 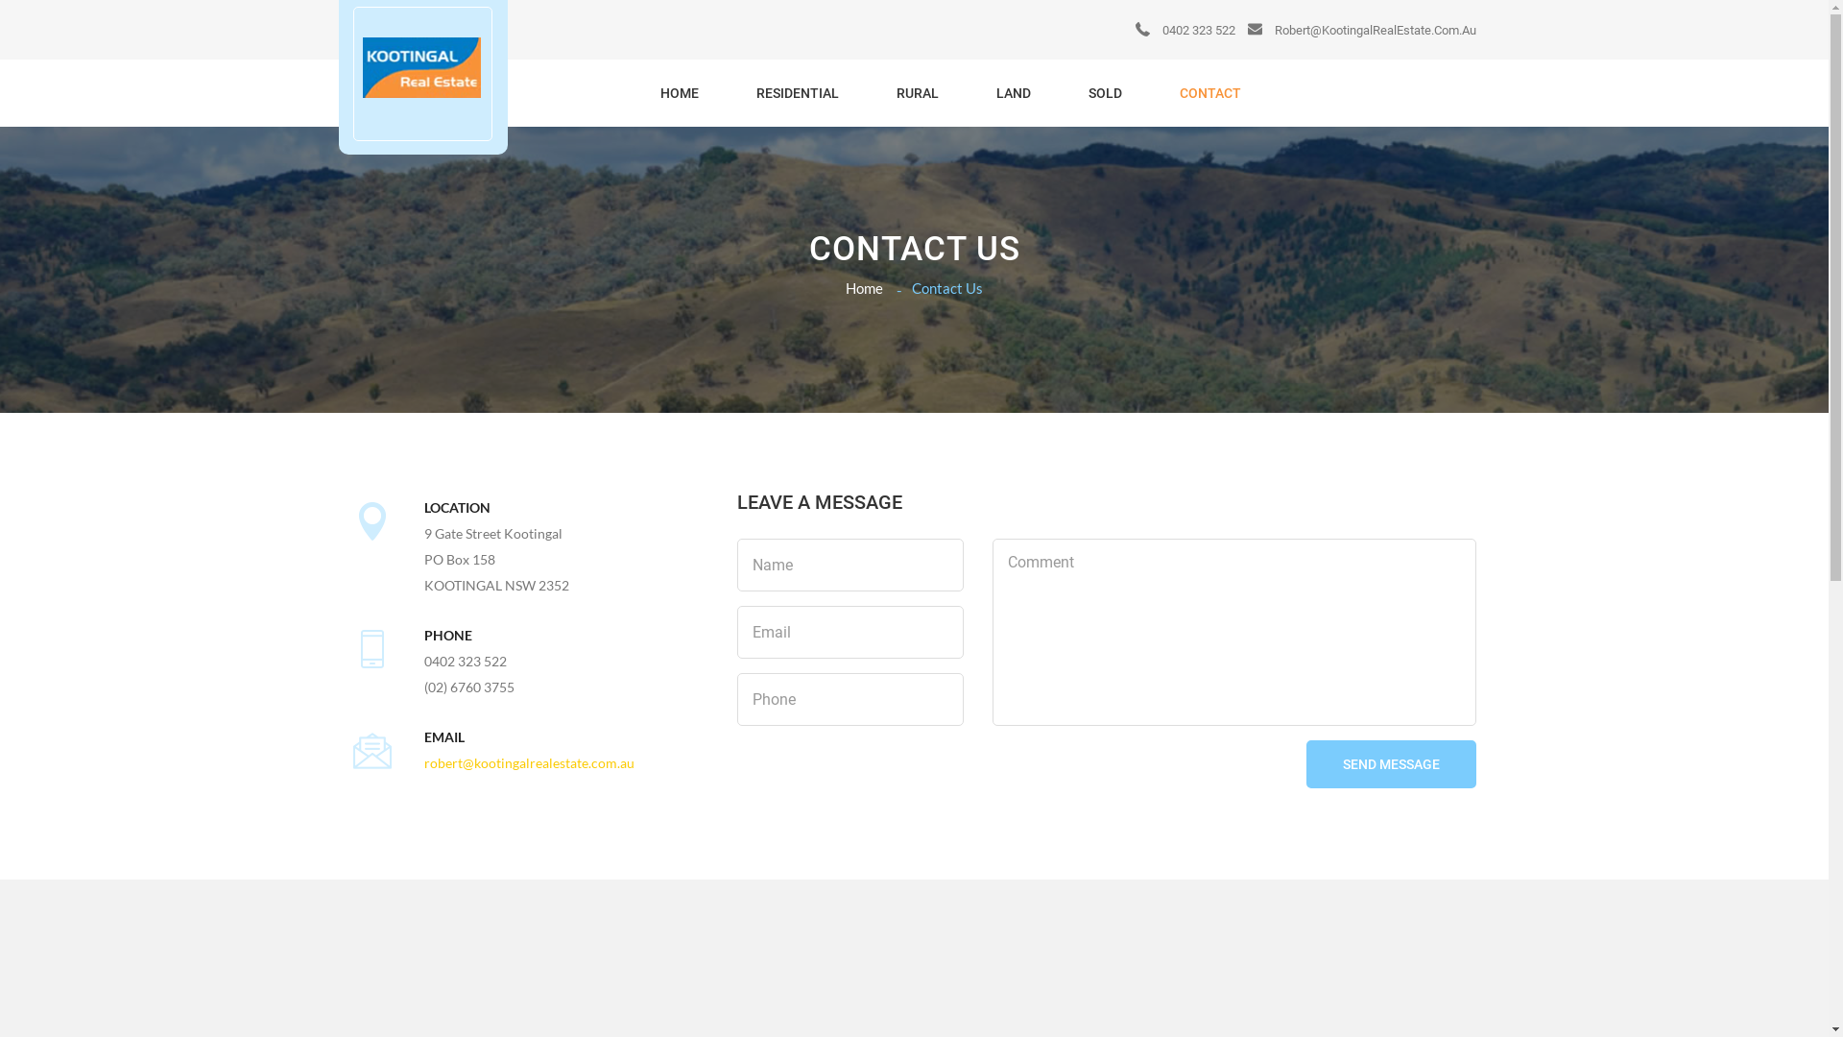 What do you see at coordinates (1013, 92) in the screenshot?
I see `'LAND'` at bounding box center [1013, 92].